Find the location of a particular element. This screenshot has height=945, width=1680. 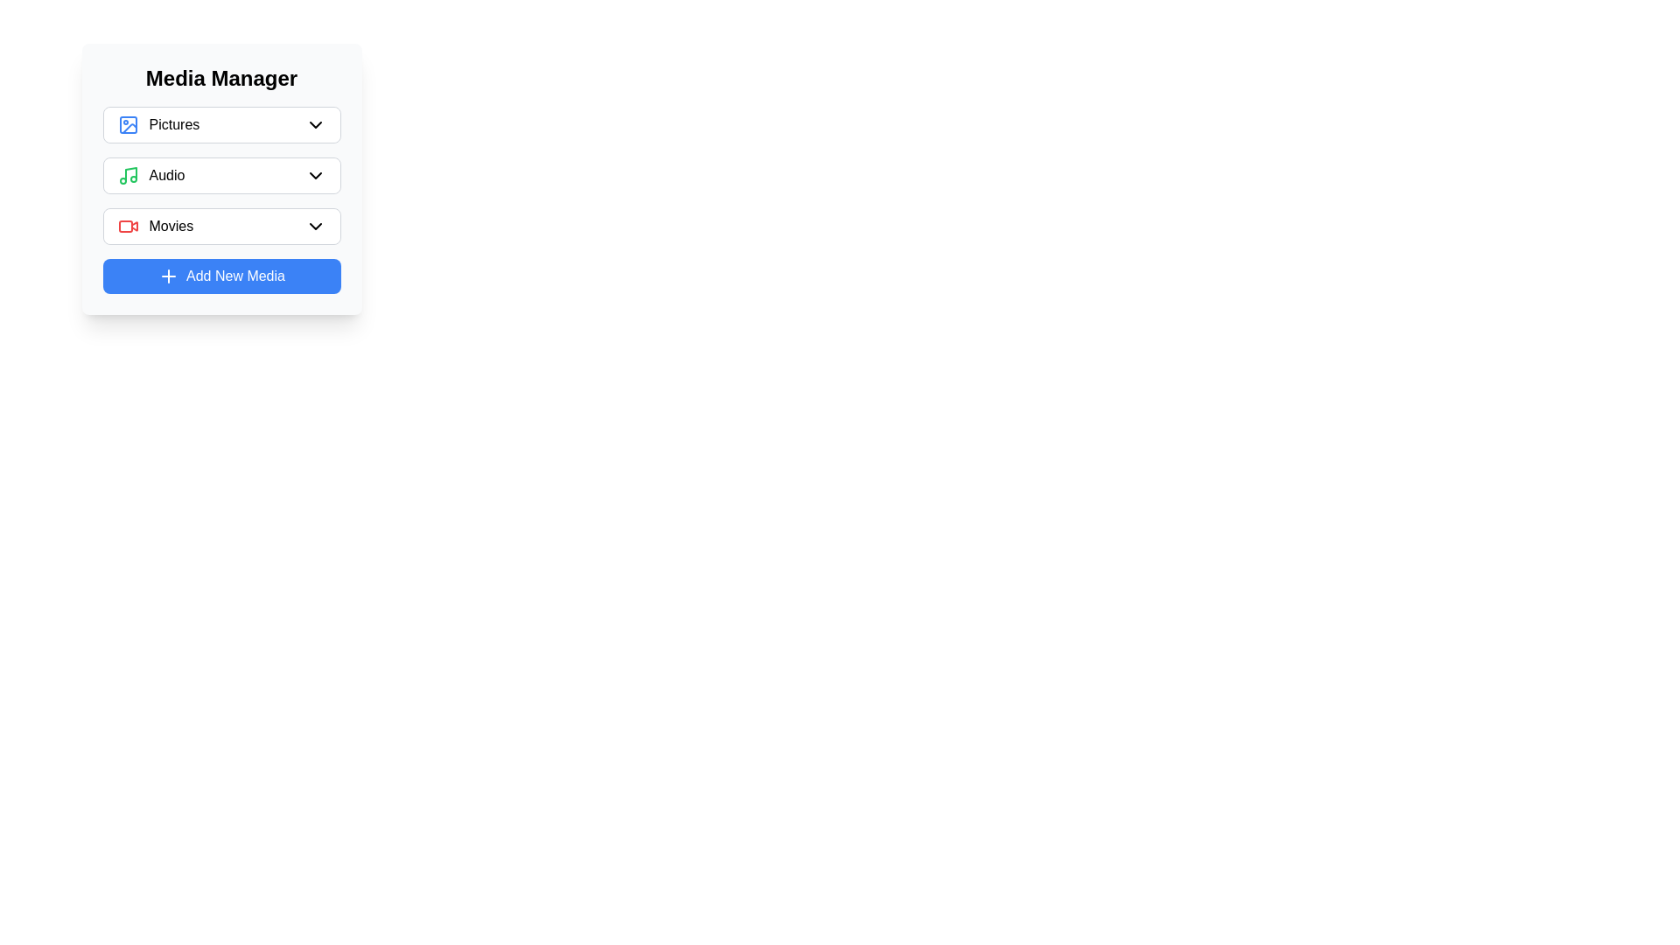

text label 'Movies' which is styled with a bold font and is preceded by a red video camera icon, located in the third row of the 'Media Manager' interface is located at coordinates (155, 225).